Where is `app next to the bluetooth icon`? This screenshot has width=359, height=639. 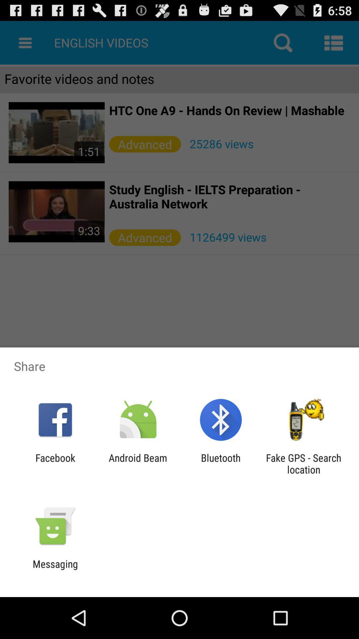
app next to the bluetooth icon is located at coordinates (303, 463).